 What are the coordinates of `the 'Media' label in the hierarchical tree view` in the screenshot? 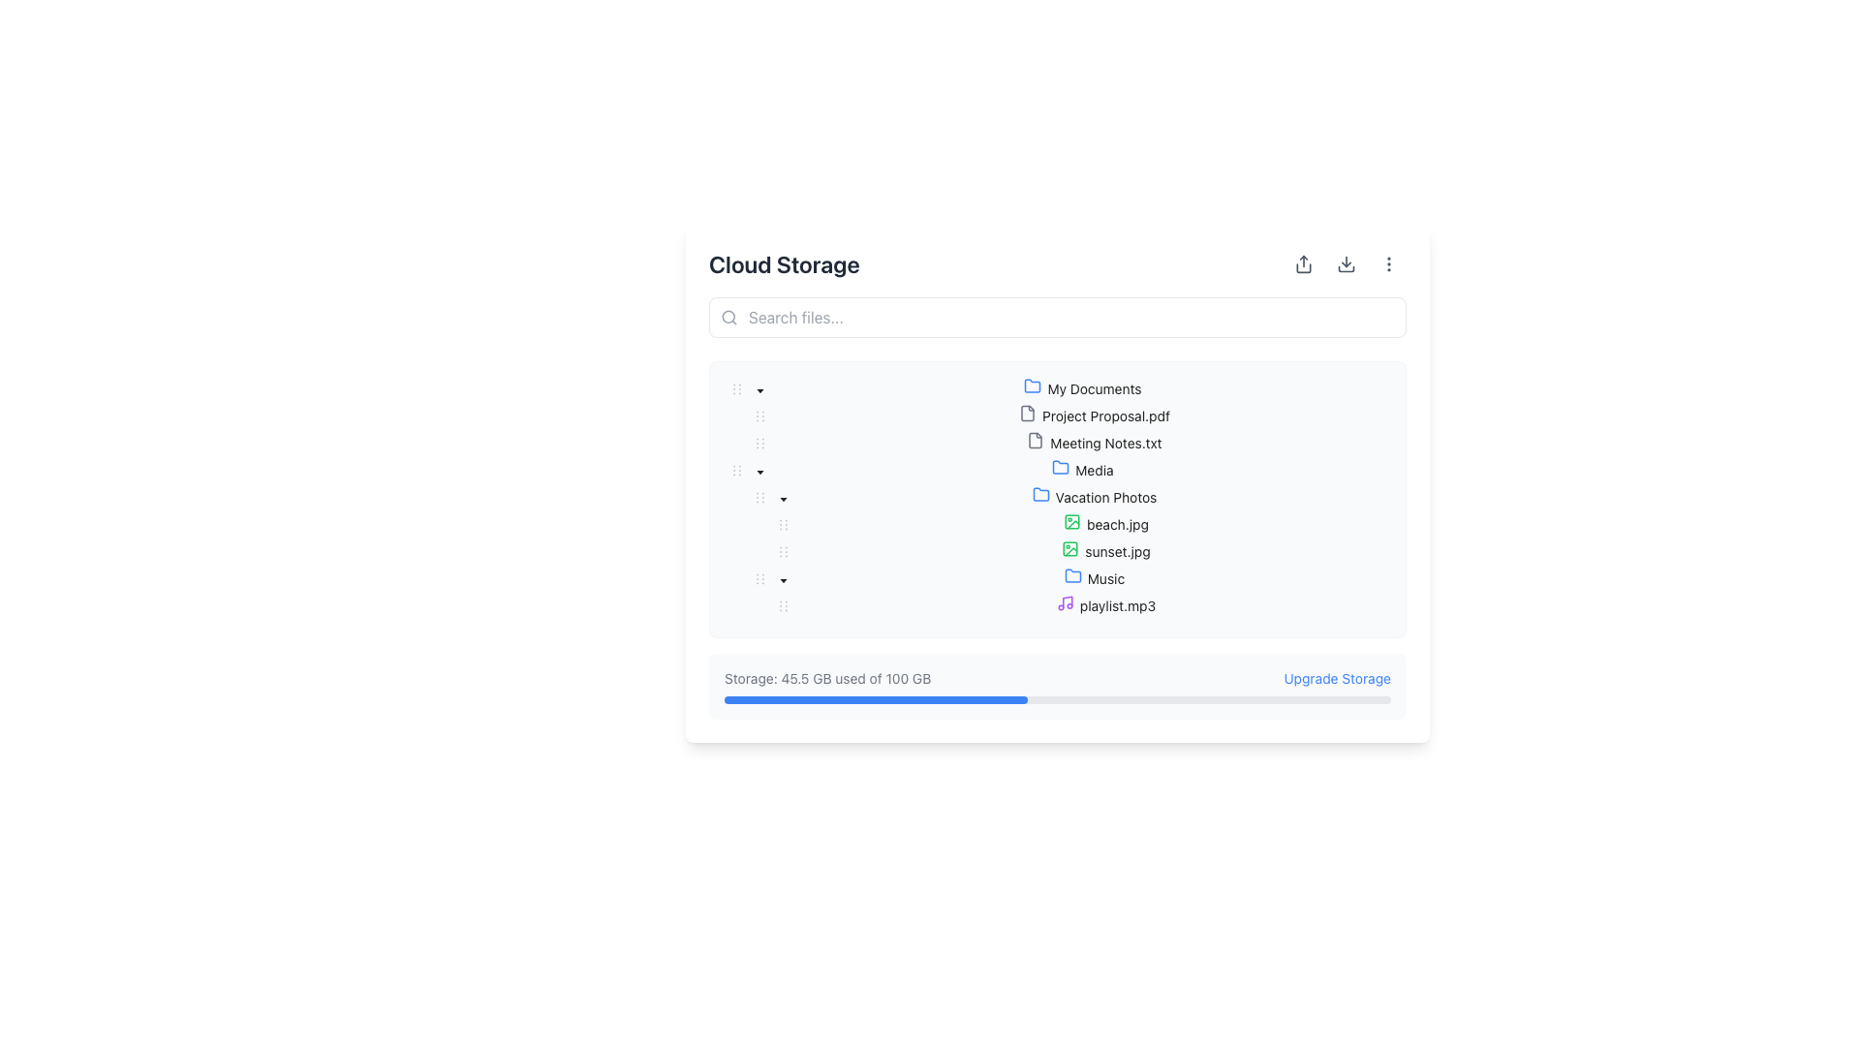 It's located at (1094, 470).